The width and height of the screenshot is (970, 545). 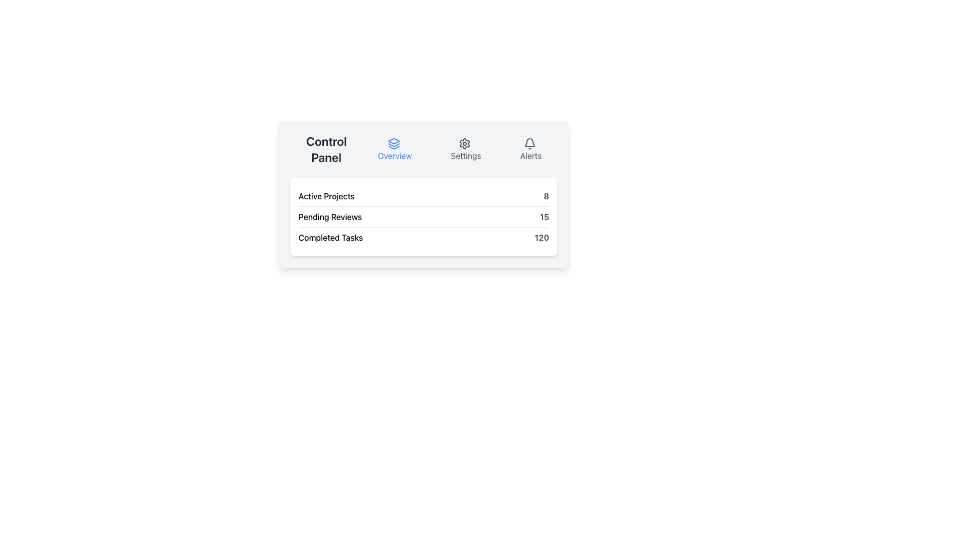 I want to click on the Static text label displaying the count of active projects, located at the right end of the first row in the control panel list, so click(x=546, y=196).